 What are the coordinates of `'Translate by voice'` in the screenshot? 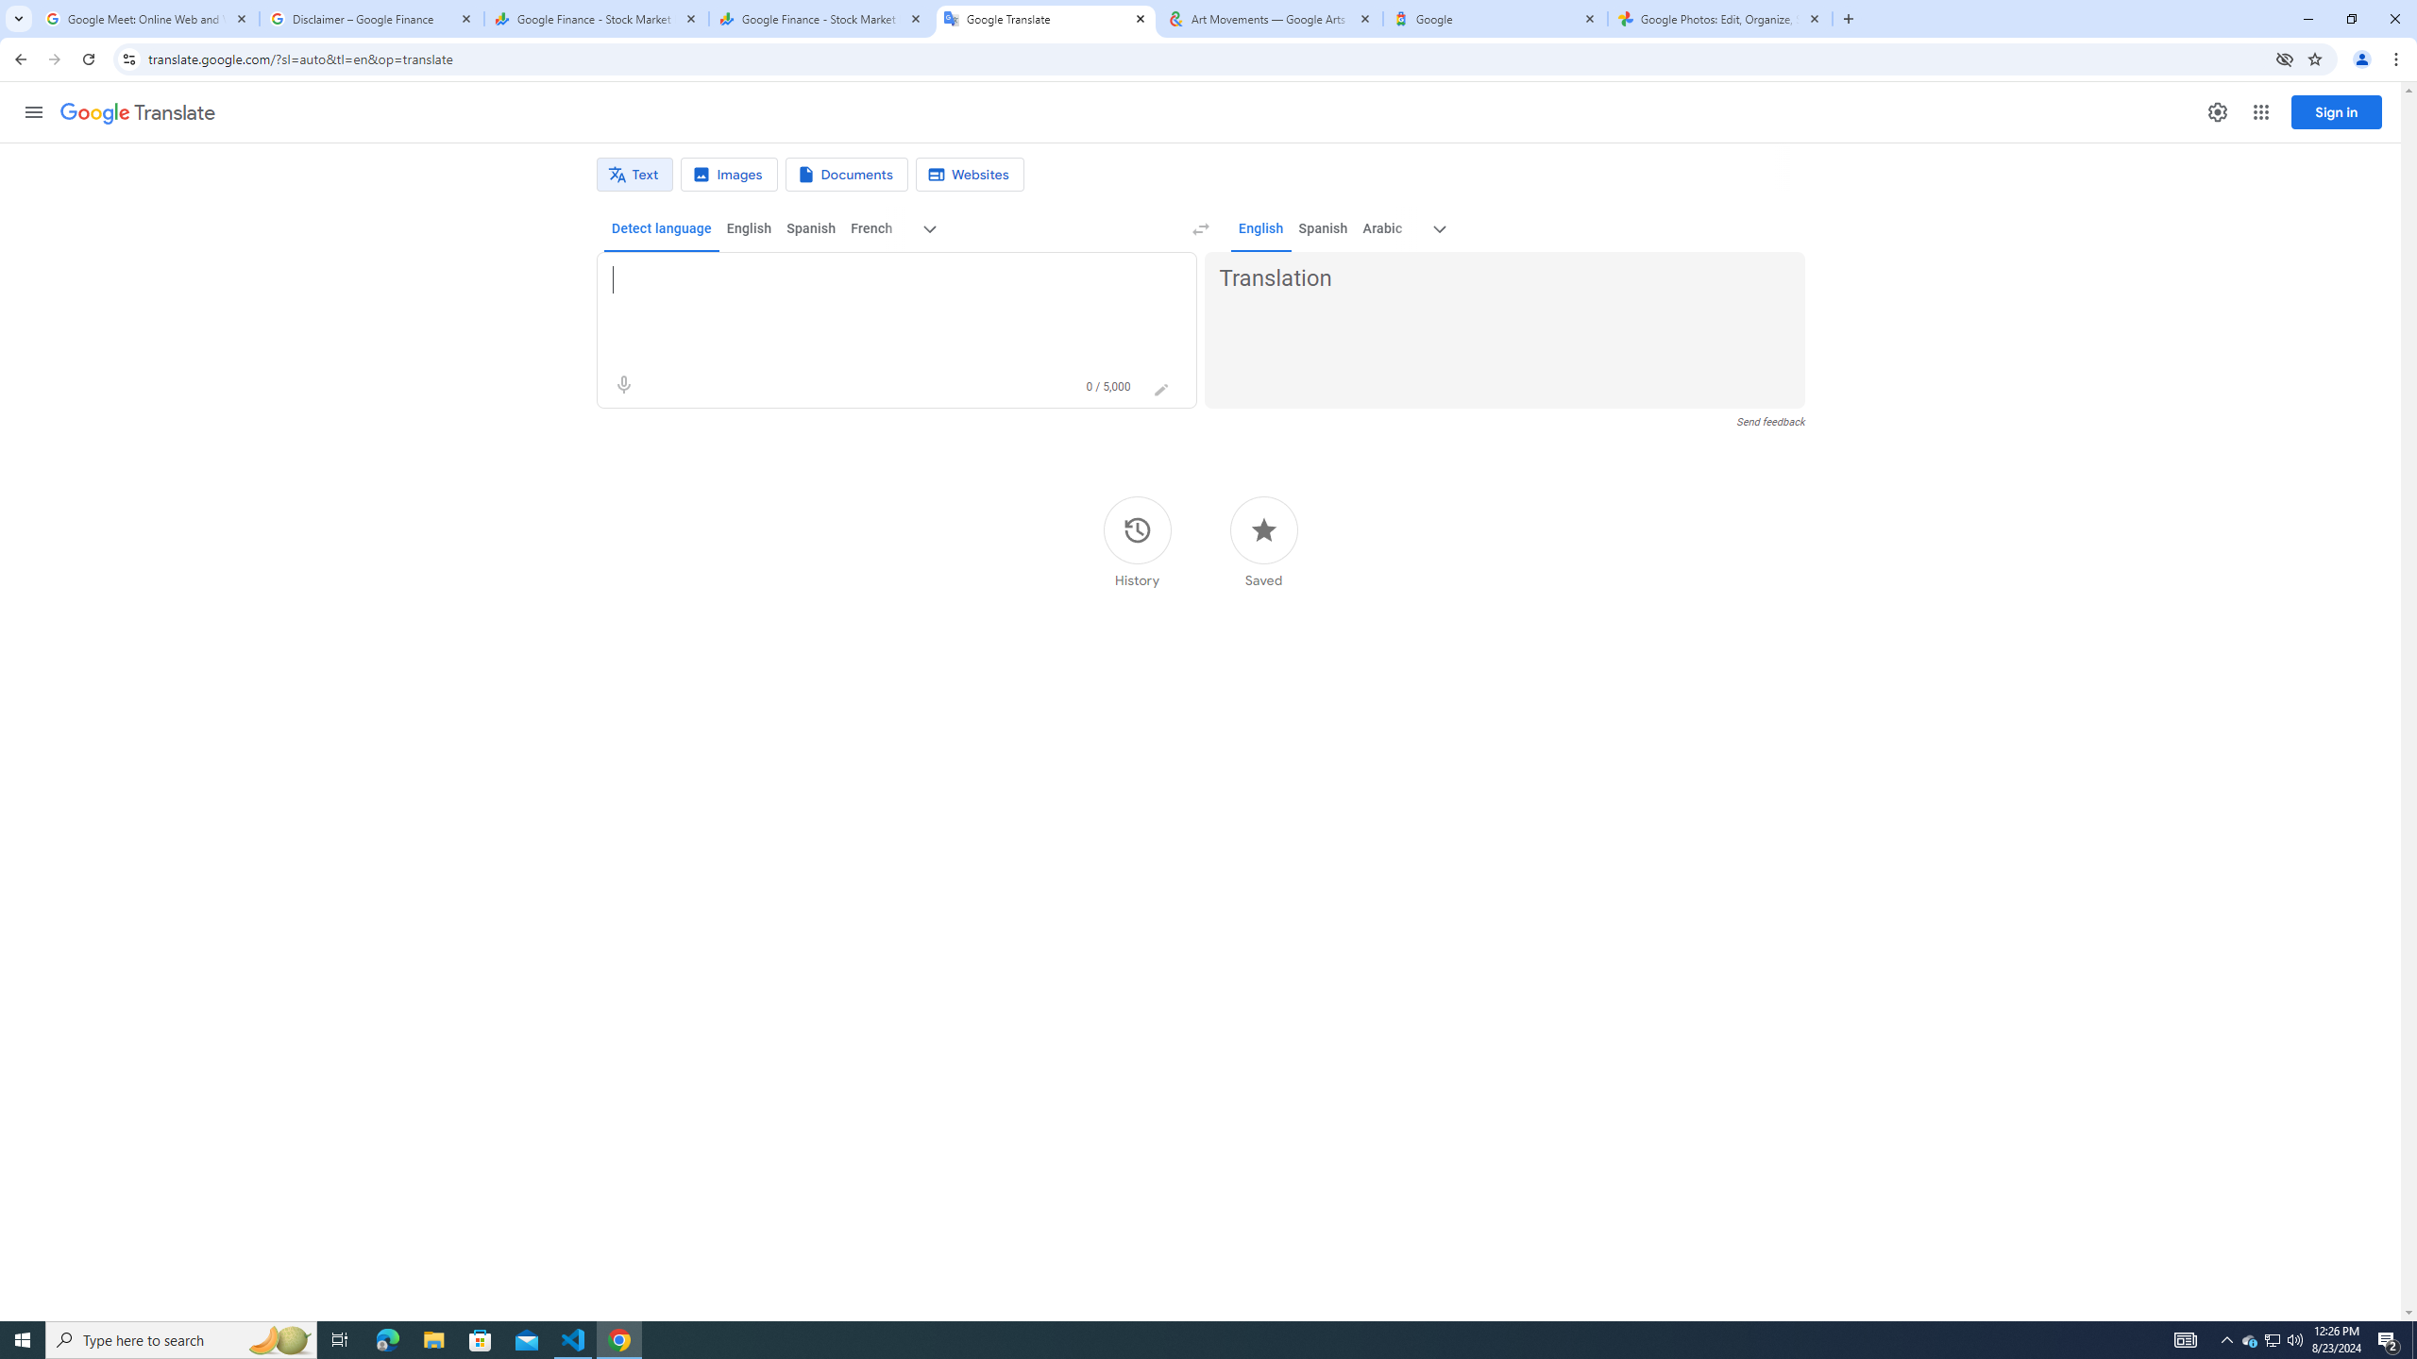 It's located at (623, 384).